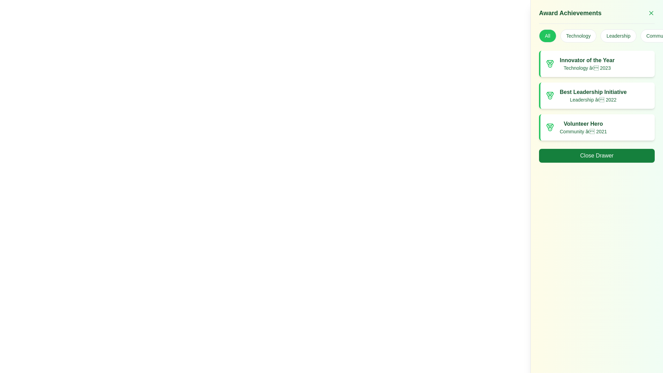  I want to click on SVG circle element representing the central part of the third medal in the award list by clicking on its center, so click(550, 129).